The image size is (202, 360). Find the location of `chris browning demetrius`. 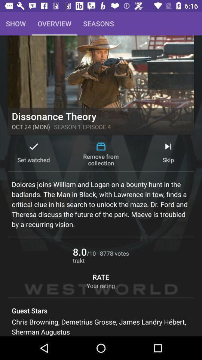

chris browning demetrius is located at coordinates (101, 326).